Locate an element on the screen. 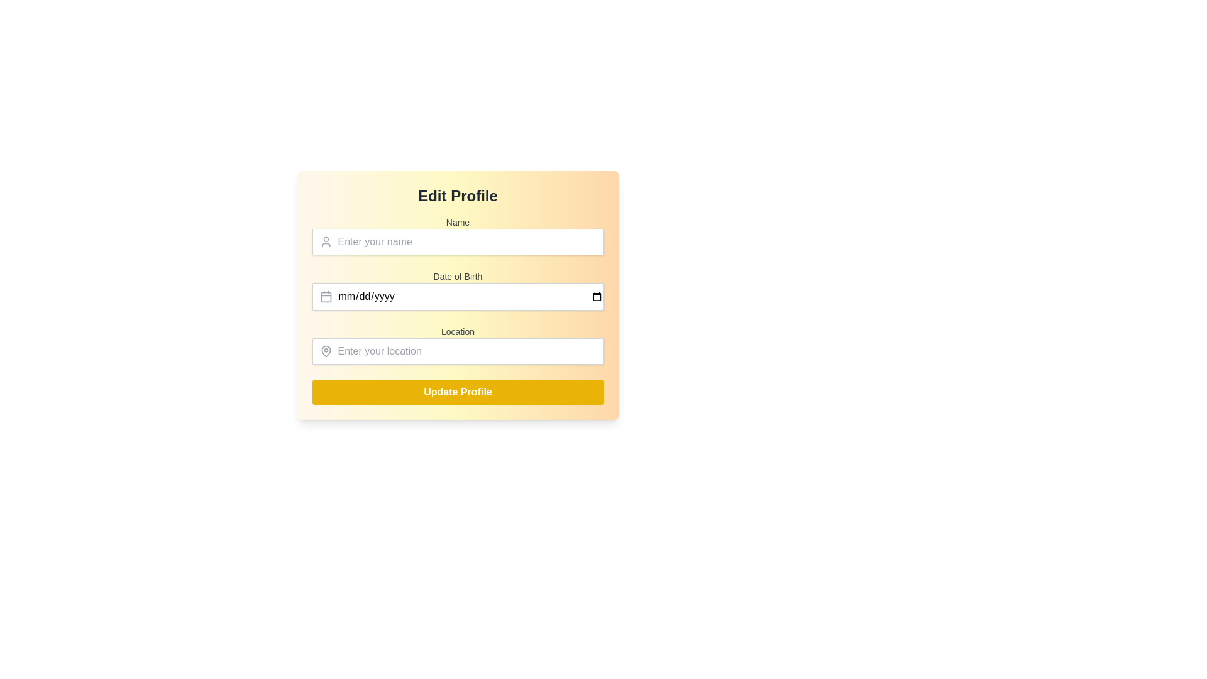  the Text label that serves as a heading for the user profile editing form, located at the top of the form above fields like 'Name', 'Date of Birth', and 'Location' is located at coordinates (457, 196).